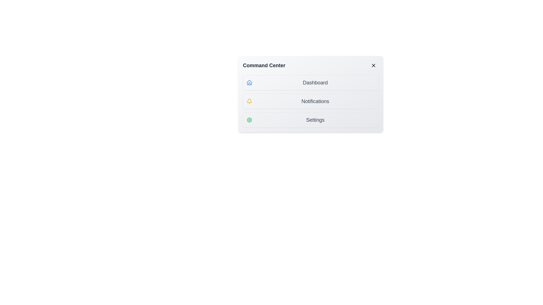 This screenshot has width=543, height=305. Describe the element at coordinates (311, 101) in the screenshot. I see `the button located between the 'Dashboard' and 'Settings' items` at that location.